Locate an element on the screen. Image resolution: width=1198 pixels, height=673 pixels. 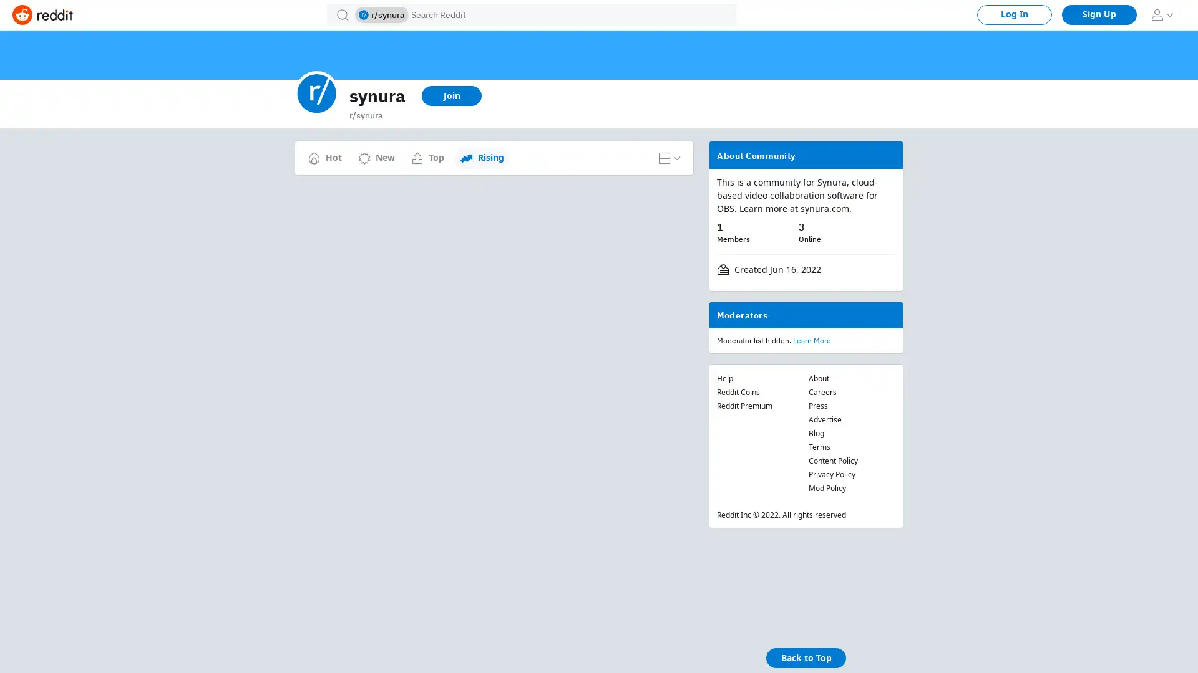
Save is located at coordinates (462, 251).